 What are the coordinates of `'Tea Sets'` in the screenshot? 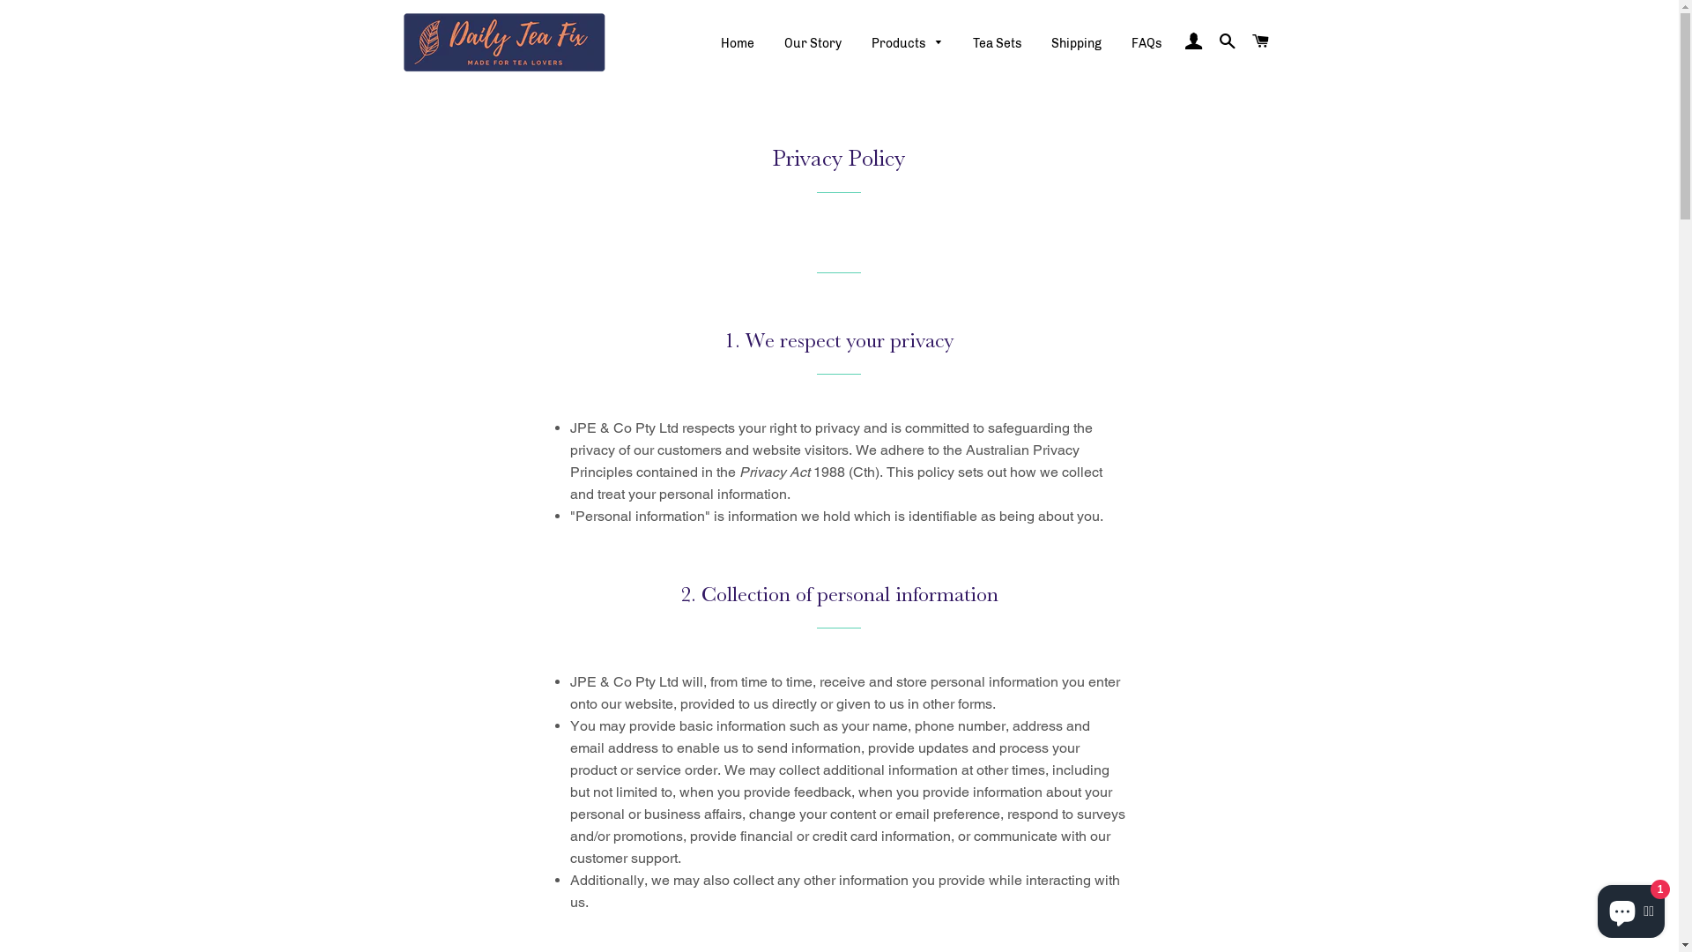 It's located at (997, 43).